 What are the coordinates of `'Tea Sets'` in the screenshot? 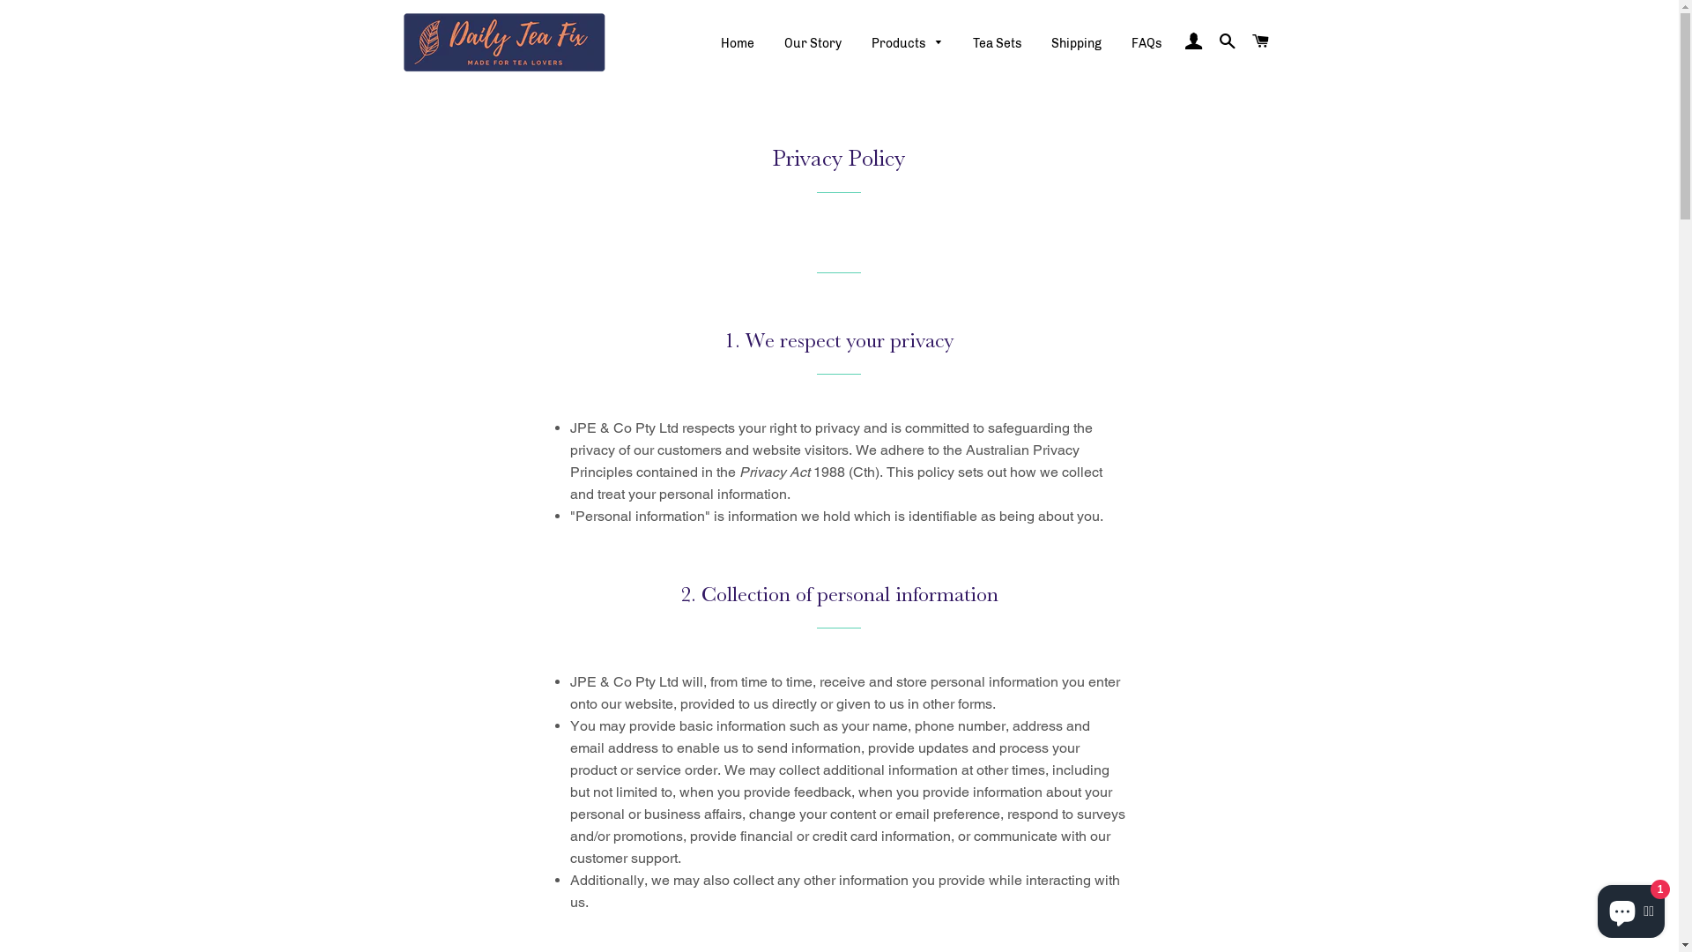 It's located at (997, 43).